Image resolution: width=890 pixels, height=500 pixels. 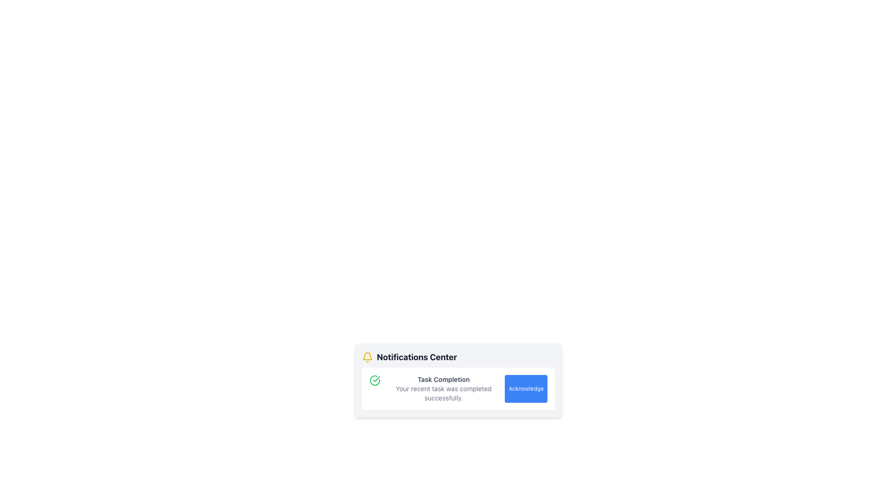 I want to click on the button located at the bottom-right corner of the notification card, adjacent to the description text and other elements, so click(x=526, y=389).